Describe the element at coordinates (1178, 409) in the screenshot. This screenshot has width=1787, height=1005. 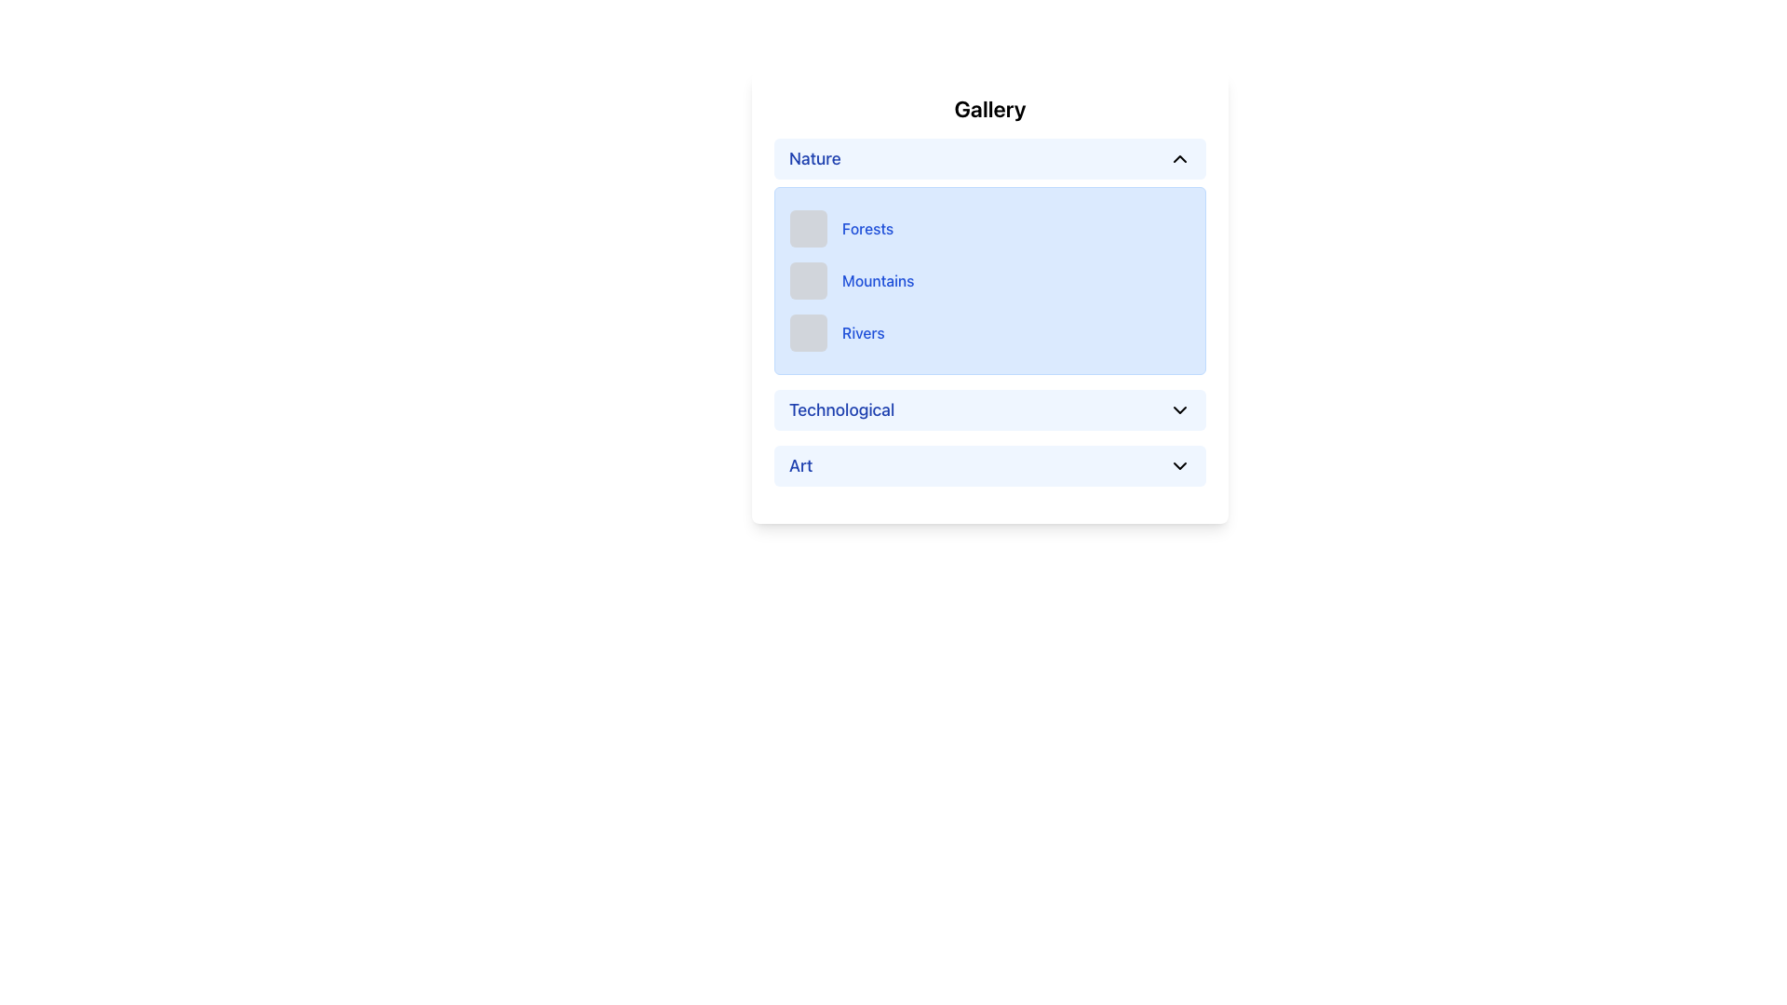
I see `the Icon button located on the right side of the 'Technological' menu label` at that location.